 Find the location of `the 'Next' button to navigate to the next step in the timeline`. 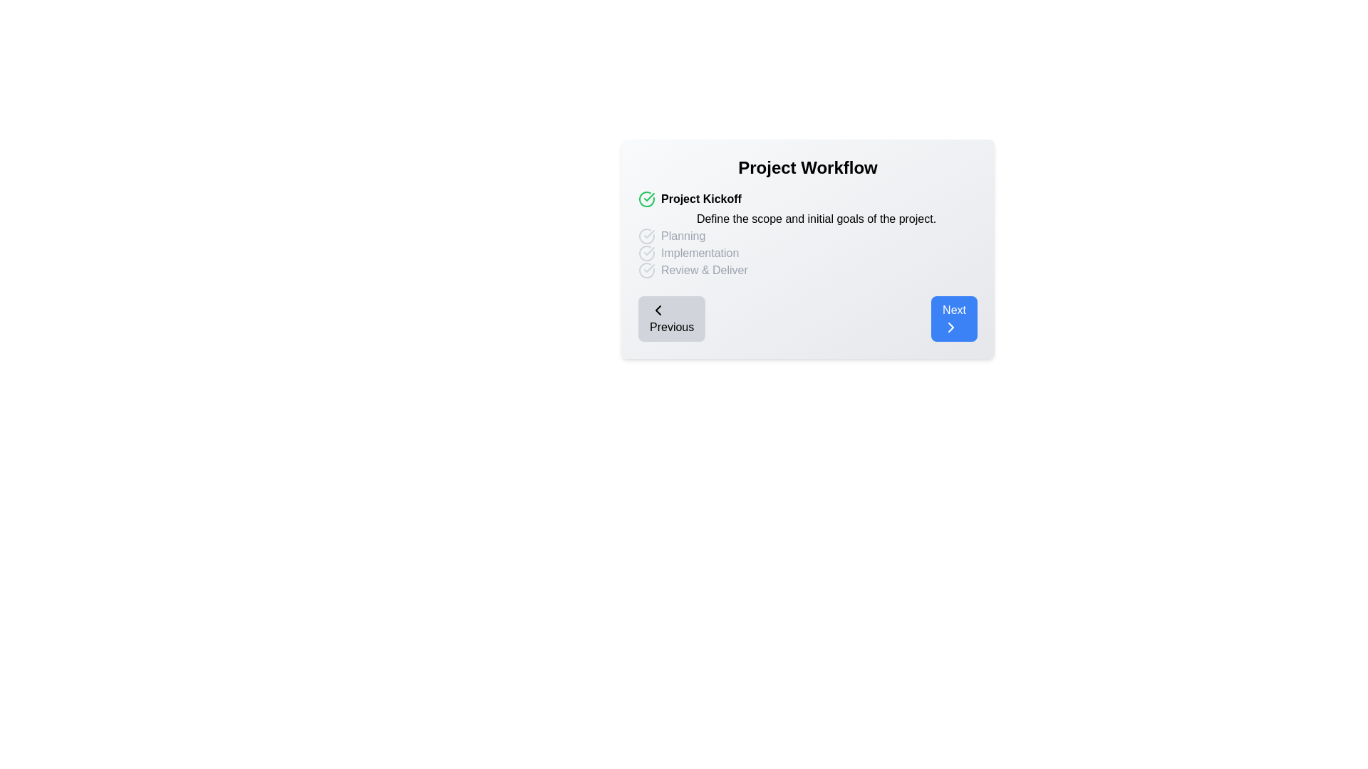

the 'Next' button to navigate to the next step in the timeline is located at coordinates (954, 318).